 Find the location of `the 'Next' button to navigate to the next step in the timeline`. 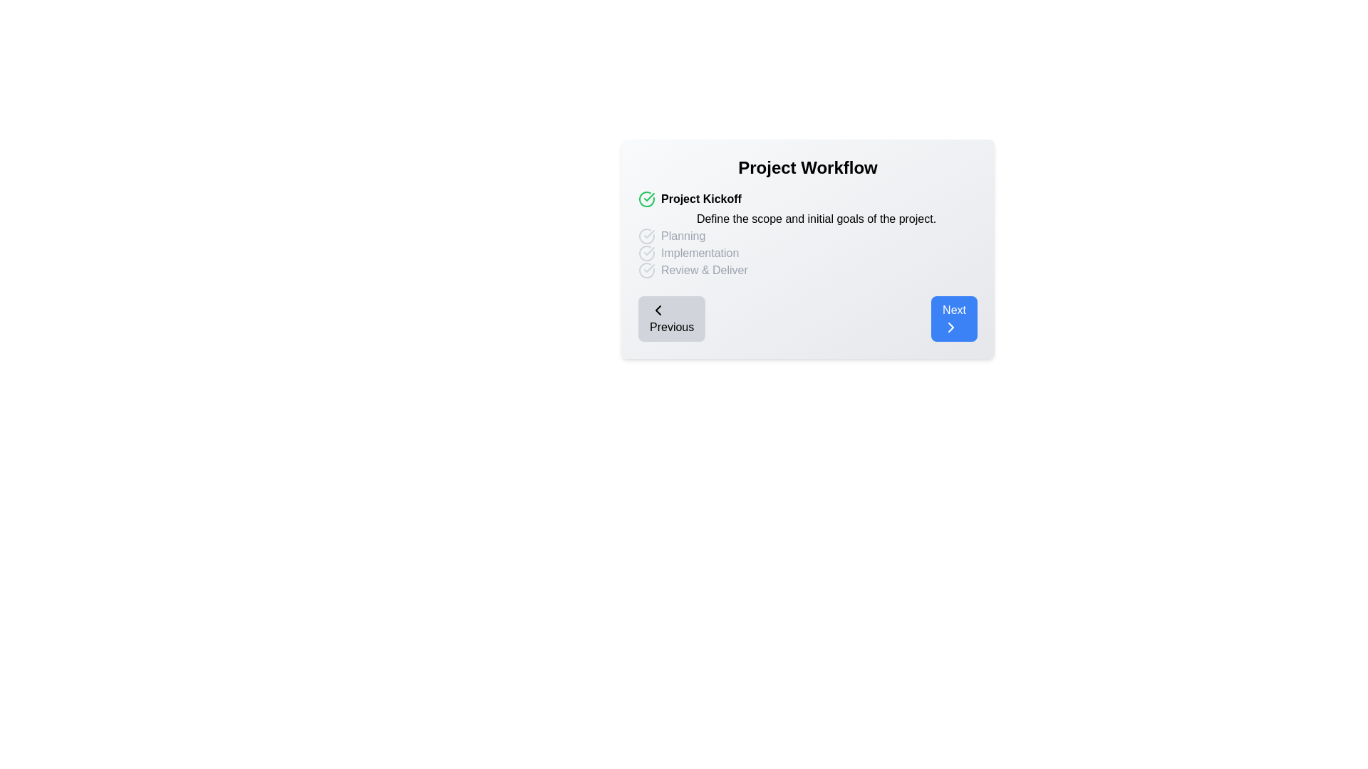

the 'Next' button to navigate to the next step in the timeline is located at coordinates (954, 318).